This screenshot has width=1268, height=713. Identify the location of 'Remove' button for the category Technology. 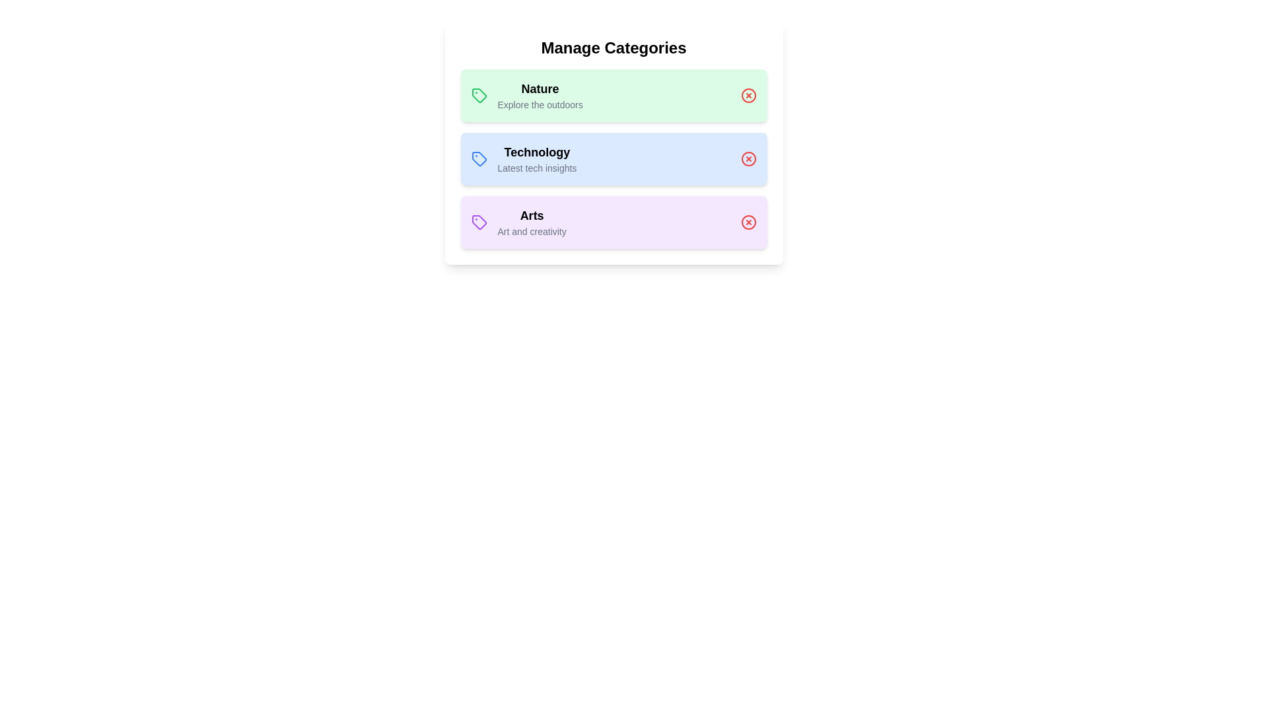
(748, 158).